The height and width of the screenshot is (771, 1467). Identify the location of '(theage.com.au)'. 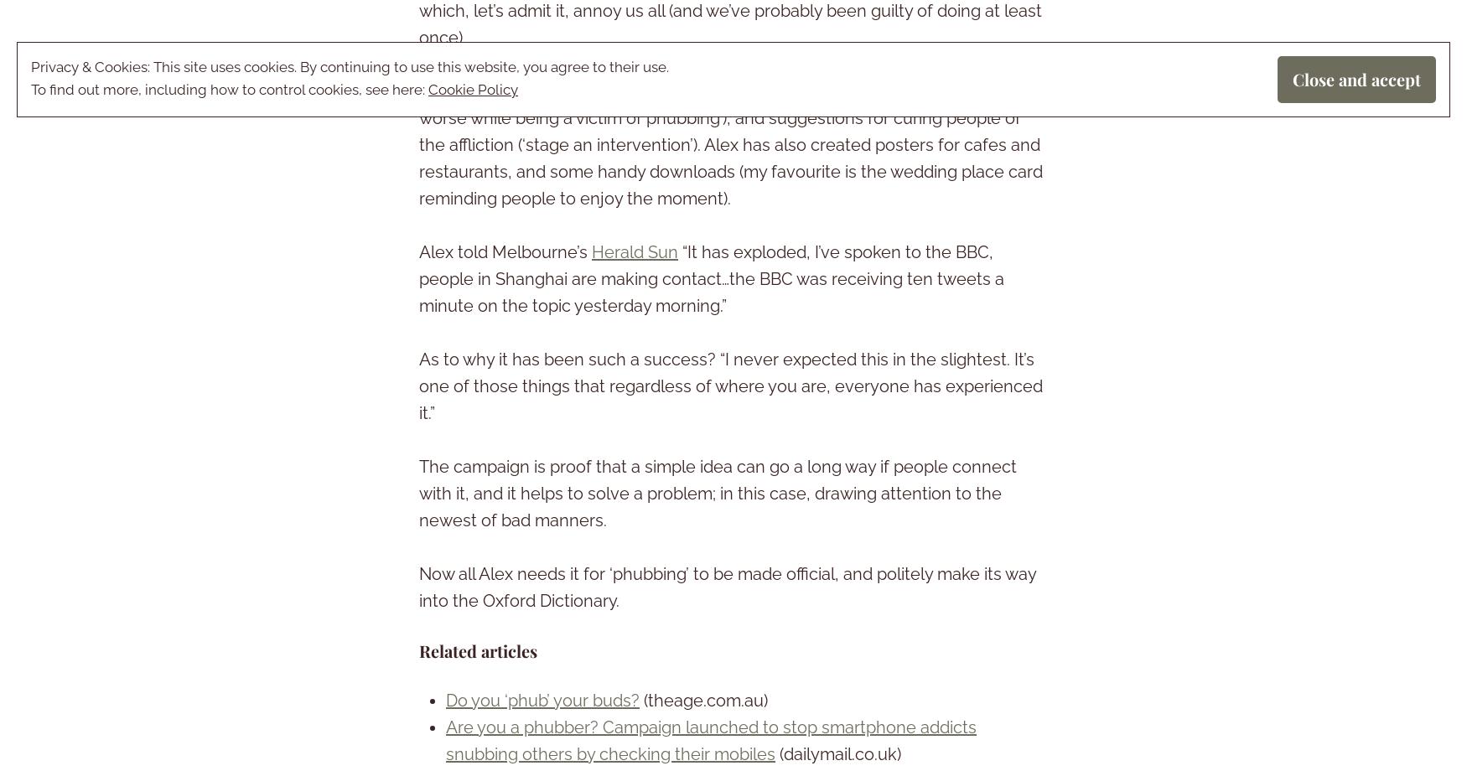
(703, 700).